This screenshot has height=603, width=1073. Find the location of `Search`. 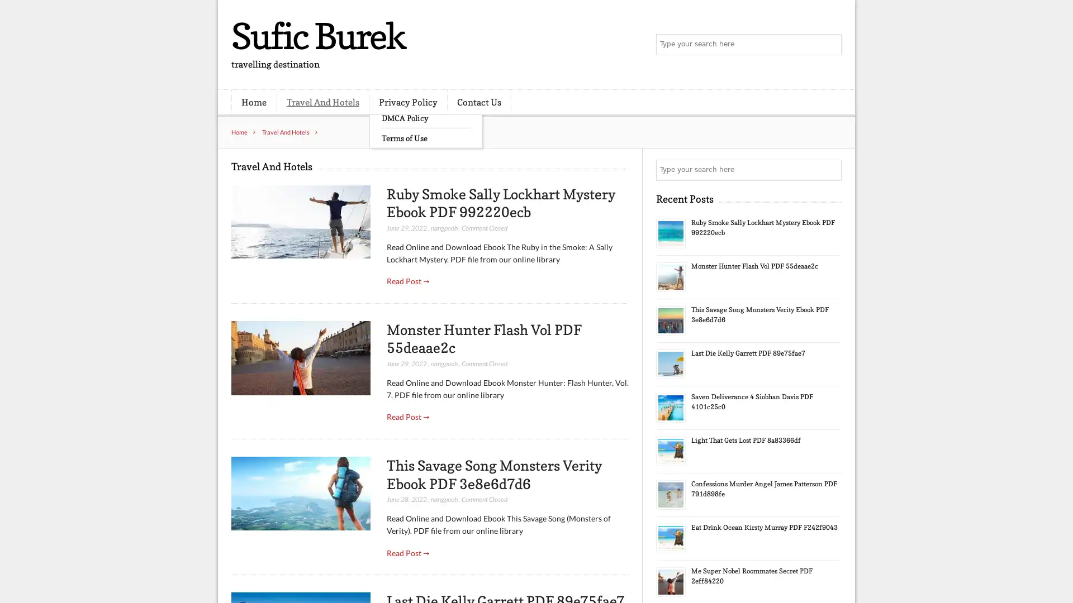

Search is located at coordinates (830, 45).